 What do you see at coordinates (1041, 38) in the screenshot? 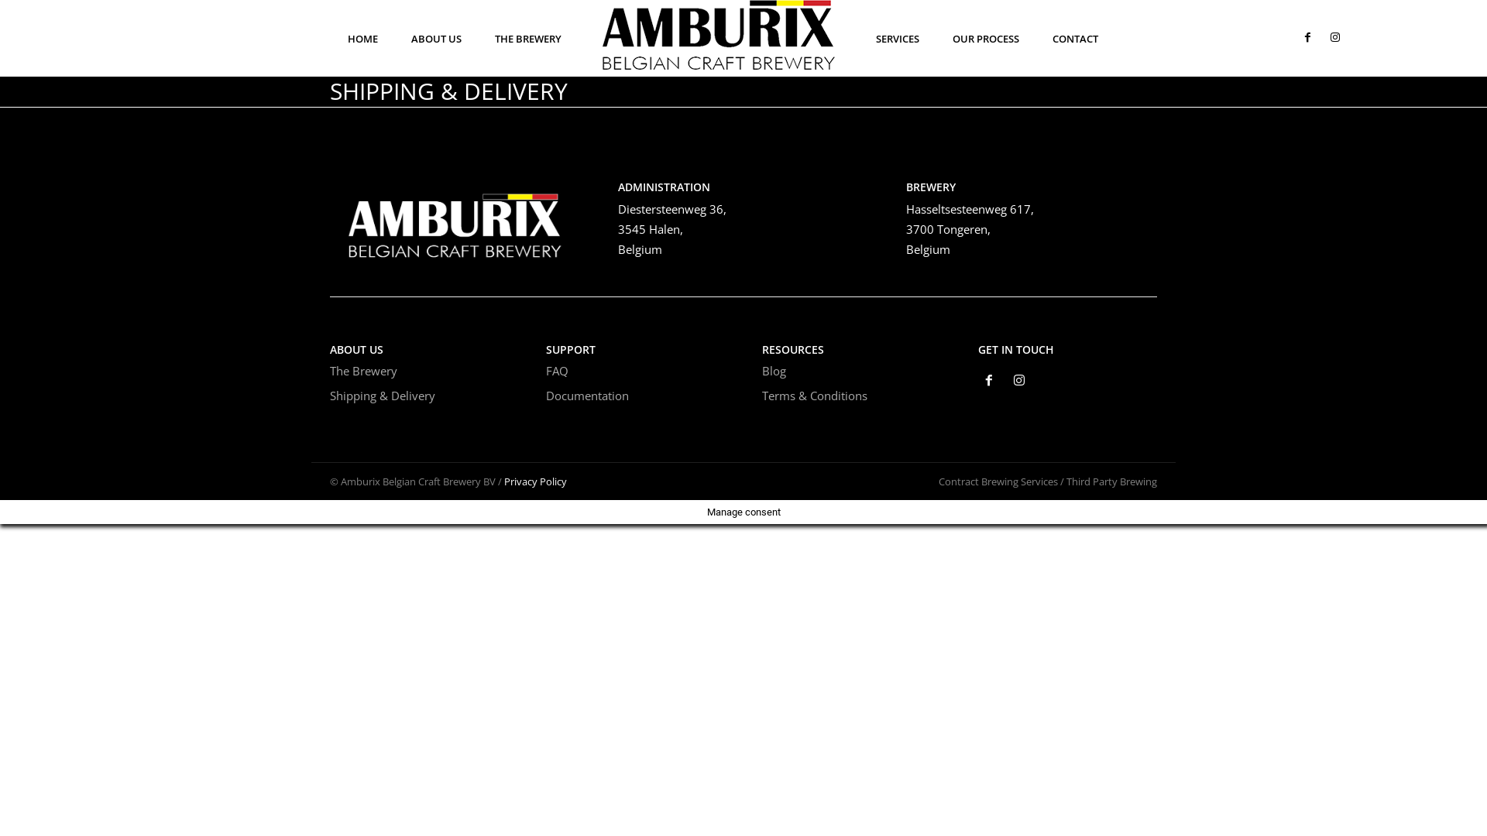
I see `'CONTACT'` at bounding box center [1041, 38].